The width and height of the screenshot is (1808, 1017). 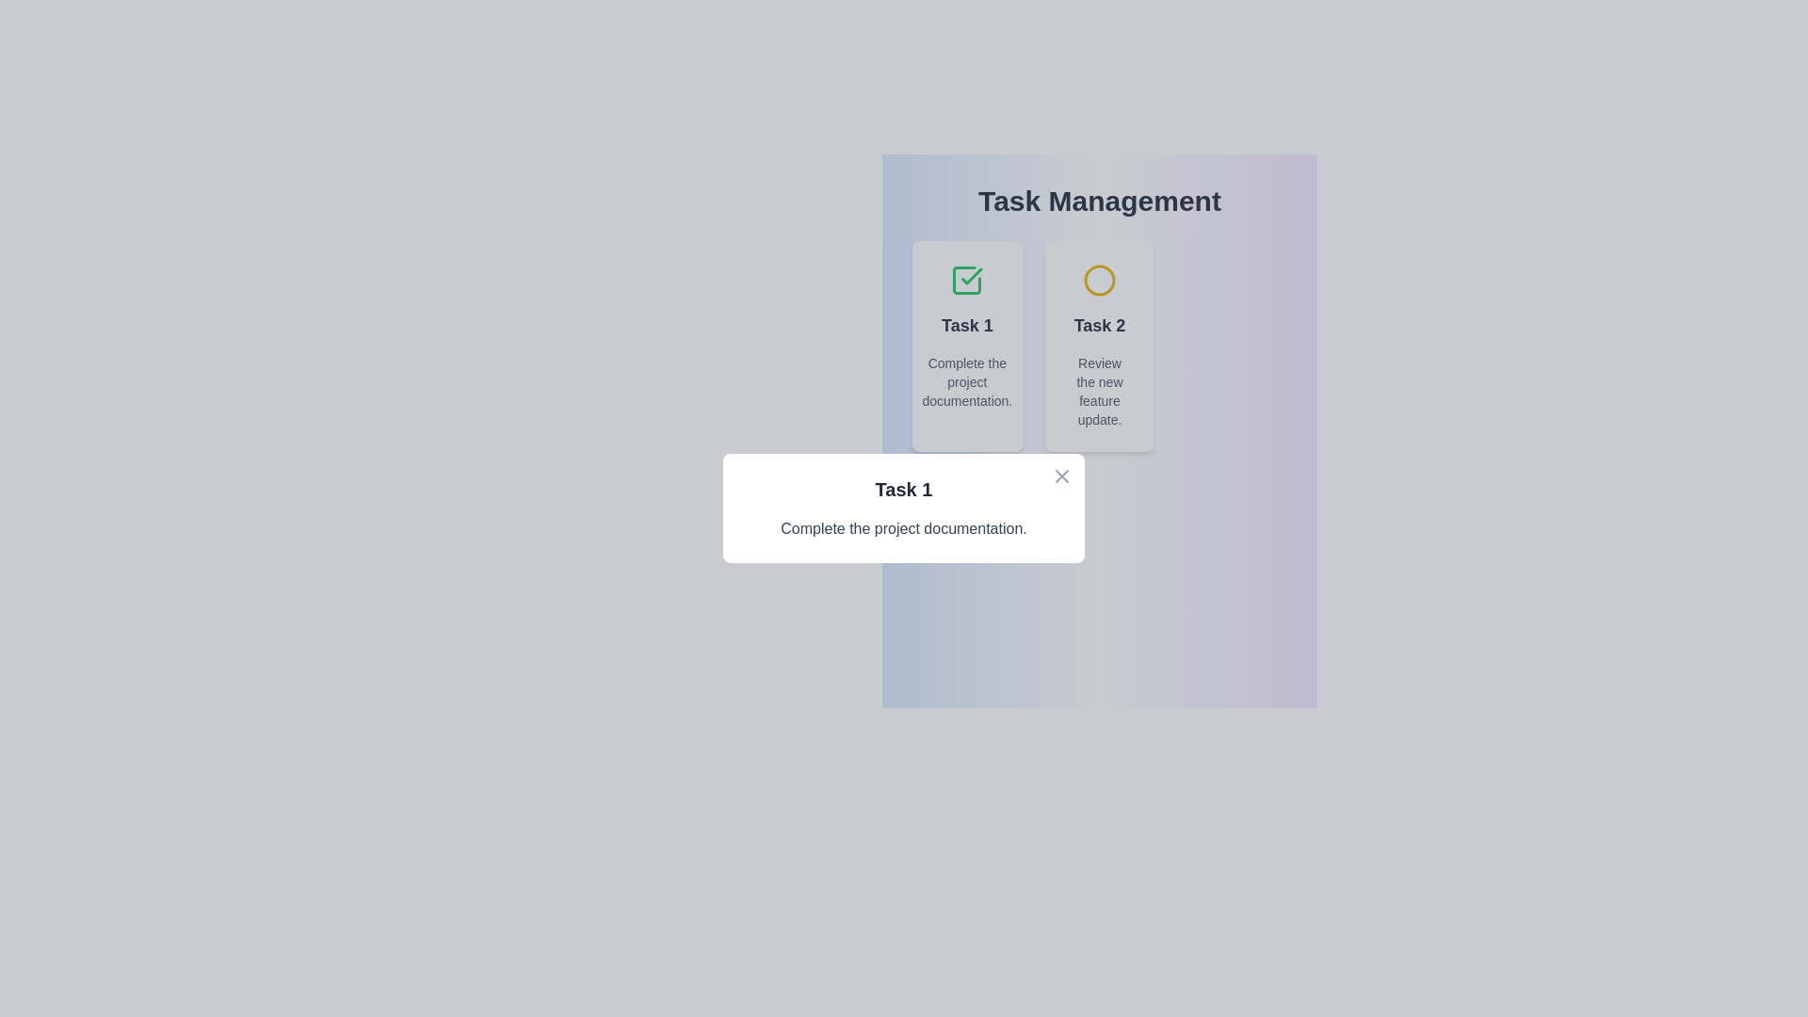 I want to click on the inner circular part of the decorative icon representing 'Task 2' located in the upper-right card of the task list, so click(x=1099, y=280).